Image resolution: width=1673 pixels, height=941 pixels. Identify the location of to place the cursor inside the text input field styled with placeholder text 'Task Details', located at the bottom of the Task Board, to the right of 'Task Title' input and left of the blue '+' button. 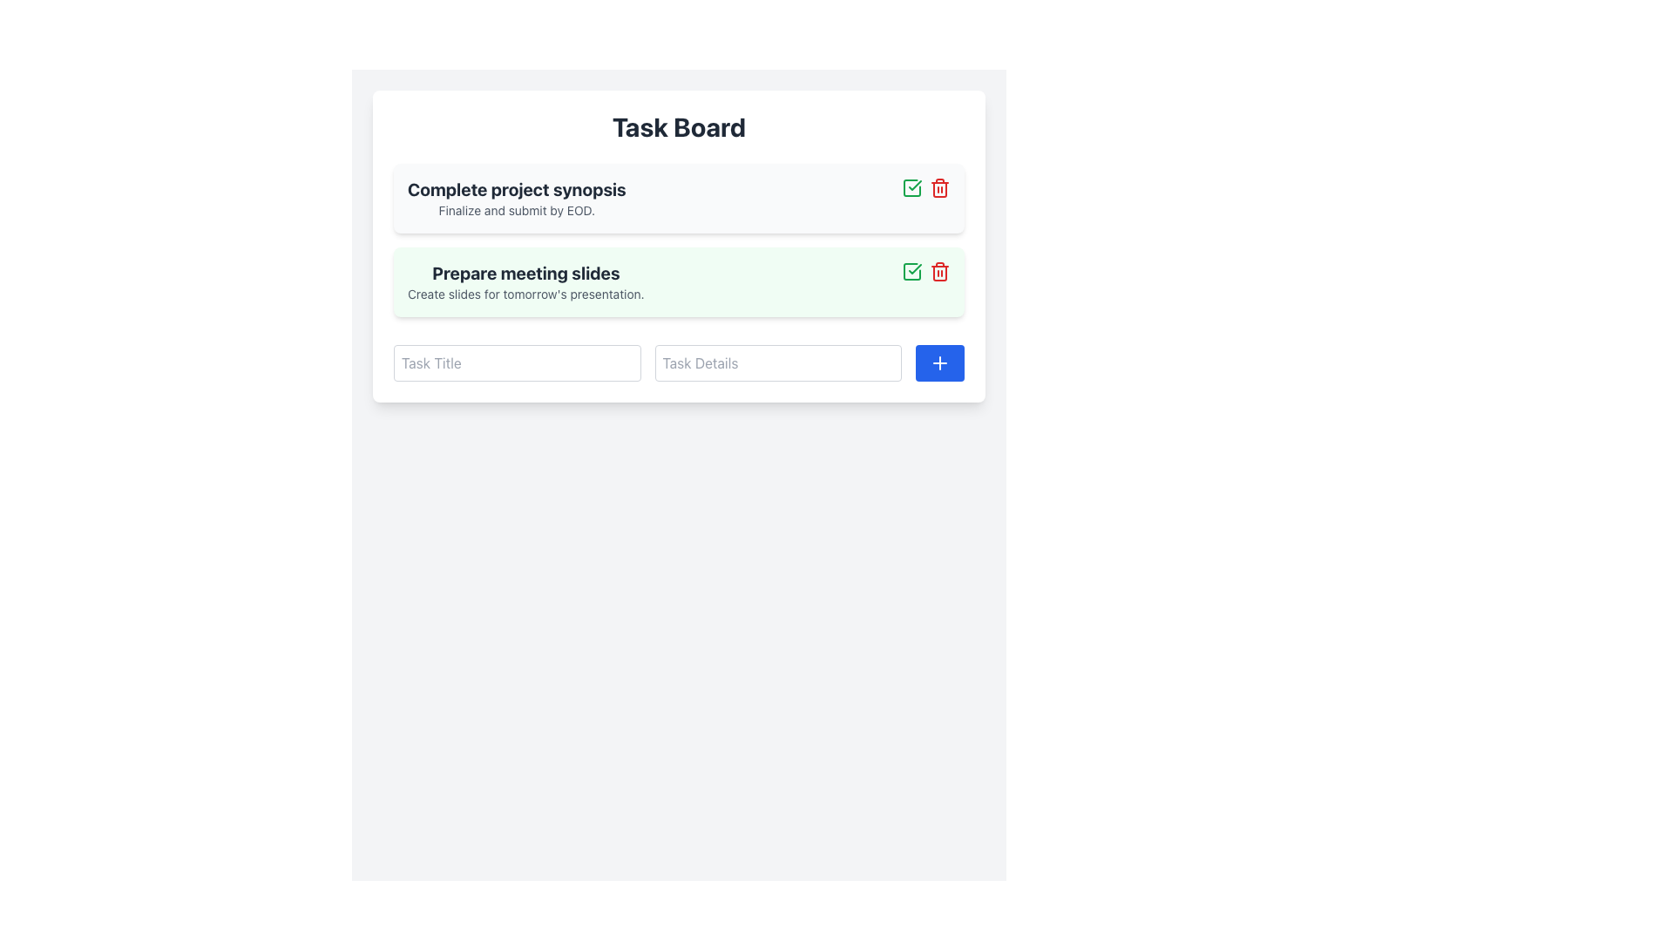
(678, 362).